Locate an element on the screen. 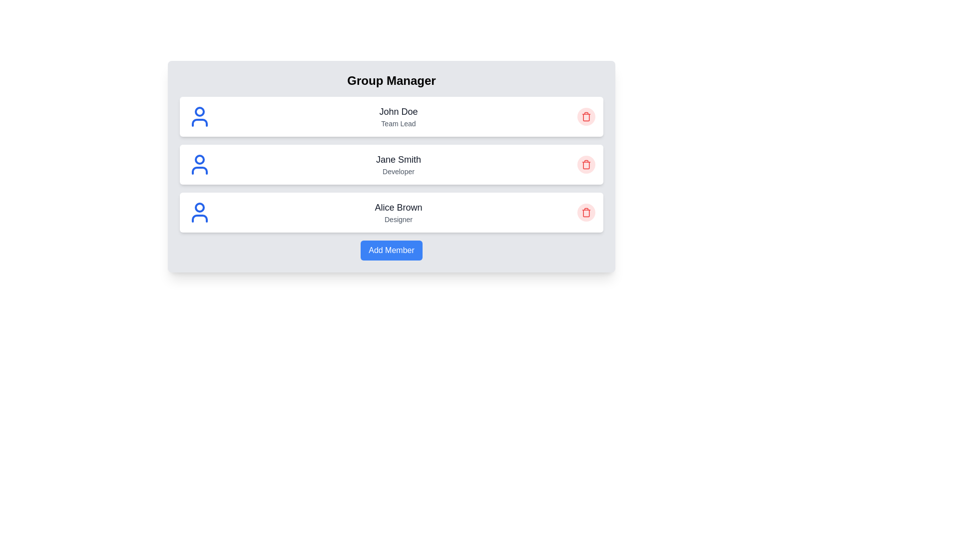  the static text element displaying 'Team Lead', which is styled in small font size and muted gray color, located below 'John Doe' is located at coordinates (398, 123).